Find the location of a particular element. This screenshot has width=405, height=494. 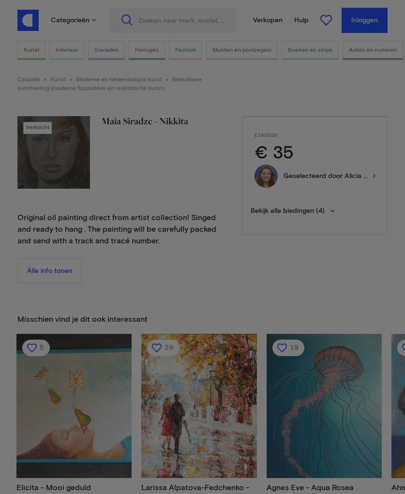

'Geselecteerd door Alicia Cano Fraile' is located at coordinates (341, 176).